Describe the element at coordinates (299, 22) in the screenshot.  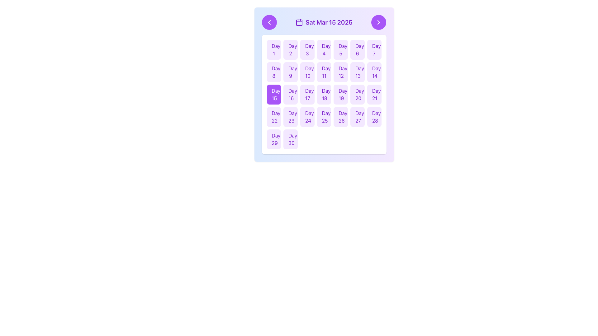
I see `the calendar date icon located in the header section, which is centrally aligned with the date text and positioned between navigation buttons` at that location.